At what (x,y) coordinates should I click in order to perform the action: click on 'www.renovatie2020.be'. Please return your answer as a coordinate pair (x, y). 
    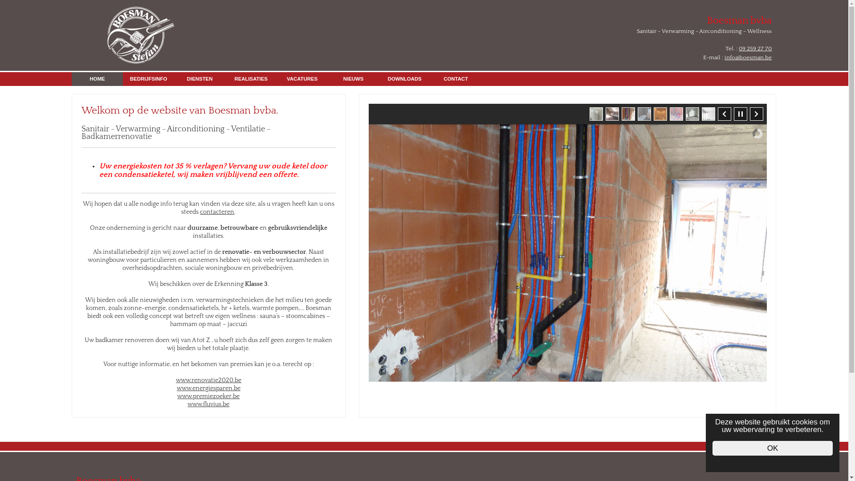
    Looking at the image, I should click on (208, 380).